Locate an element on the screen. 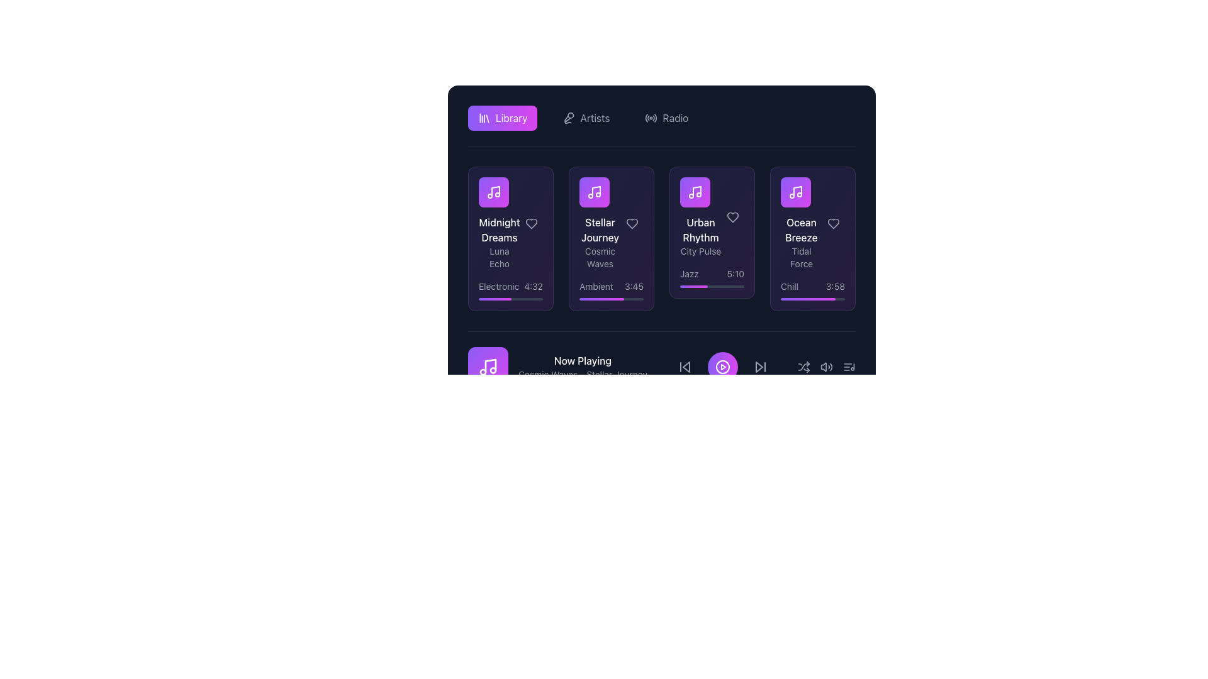  the white music note icon, which is the first item in the 'Now Playing' section with a purple gradient background is located at coordinates (488, 367).